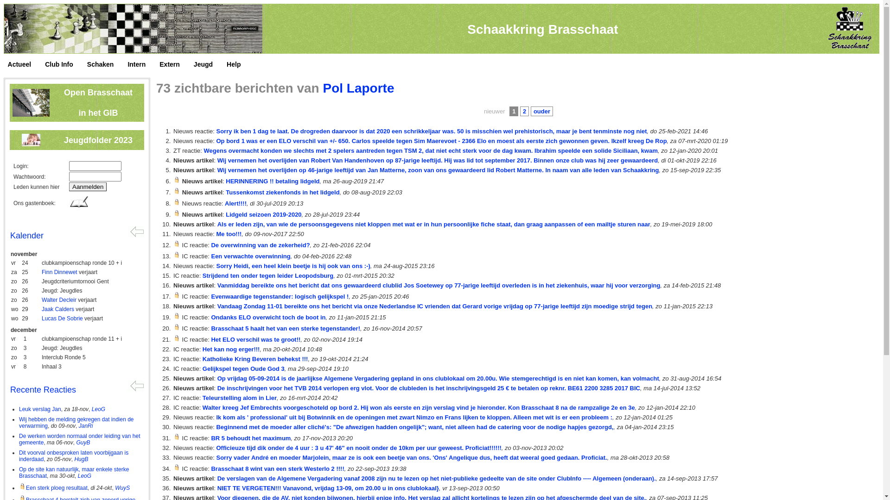  Describe the element at coordinates (177, 338) in the screenshot. I see `'Enkel zichtbaar voor clubleden'` at that location.